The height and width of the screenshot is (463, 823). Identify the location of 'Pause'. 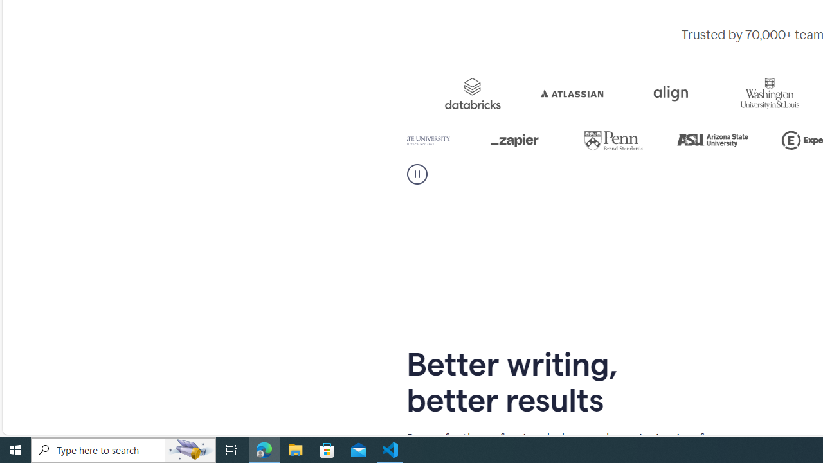
(417, 174).